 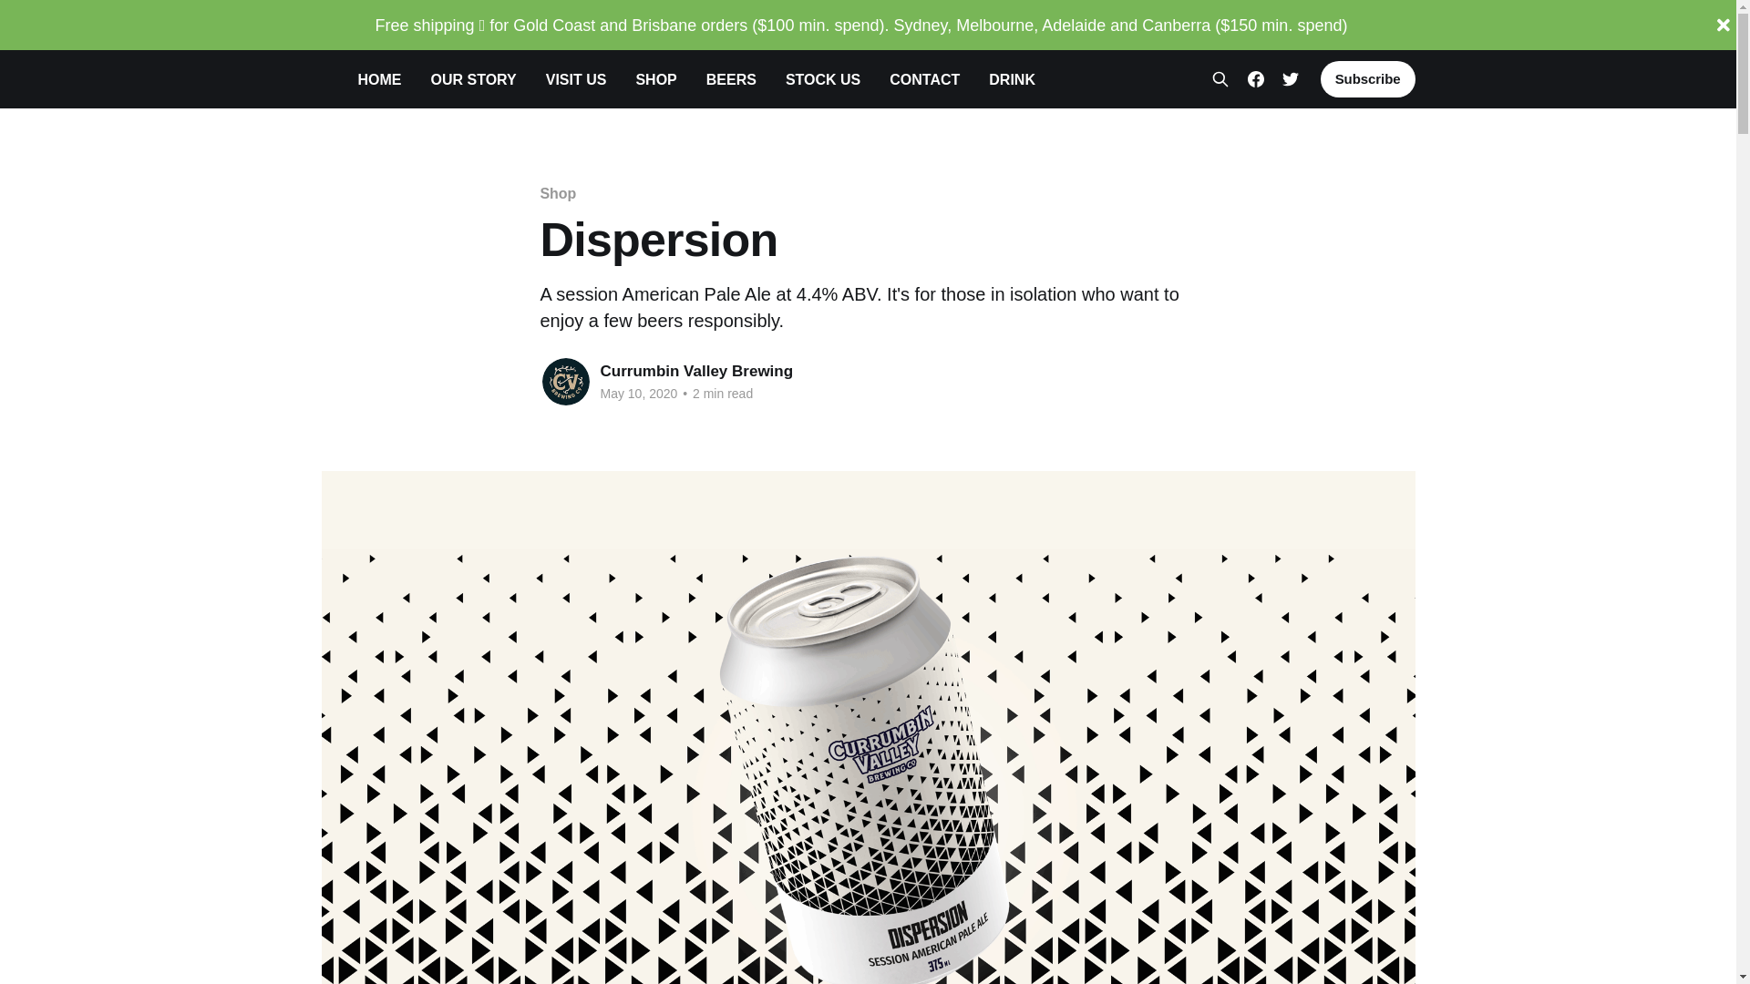 What do you see at coordinates (1011, 78) in the screenshot?
I see `'DRINK'` at bounding box center [1011, 78].